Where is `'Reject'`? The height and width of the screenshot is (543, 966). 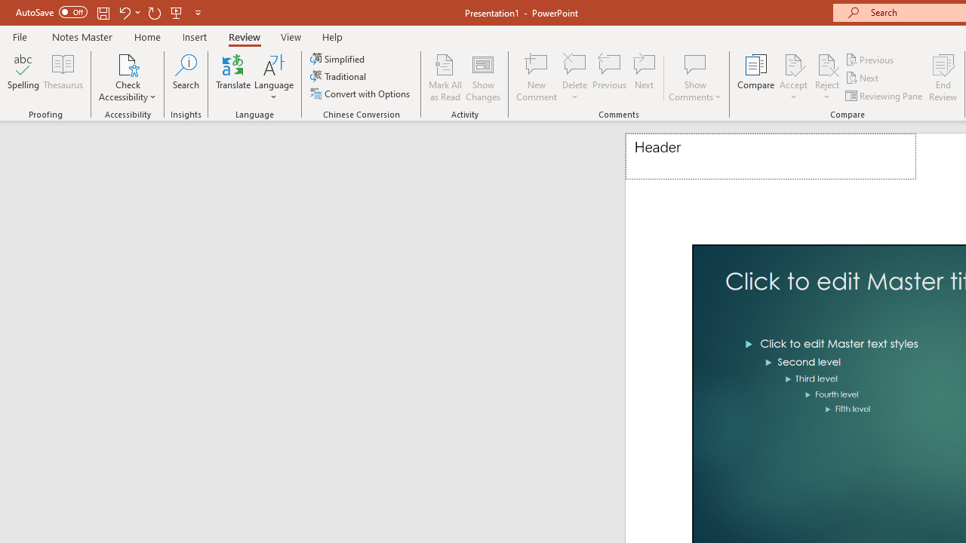
'Reject' is located at coordinates (826, 78).